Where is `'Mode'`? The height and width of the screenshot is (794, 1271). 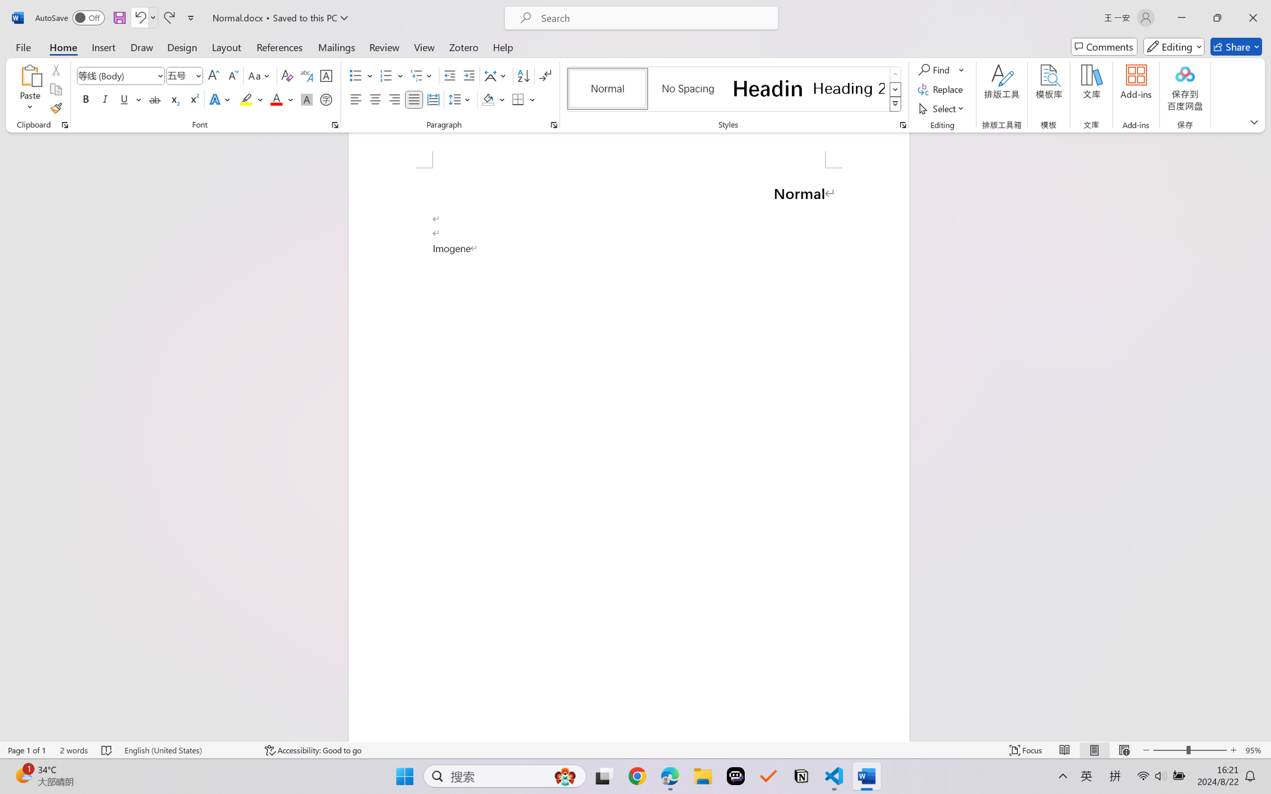 'Mode' is located at coordinates (1174, 46).